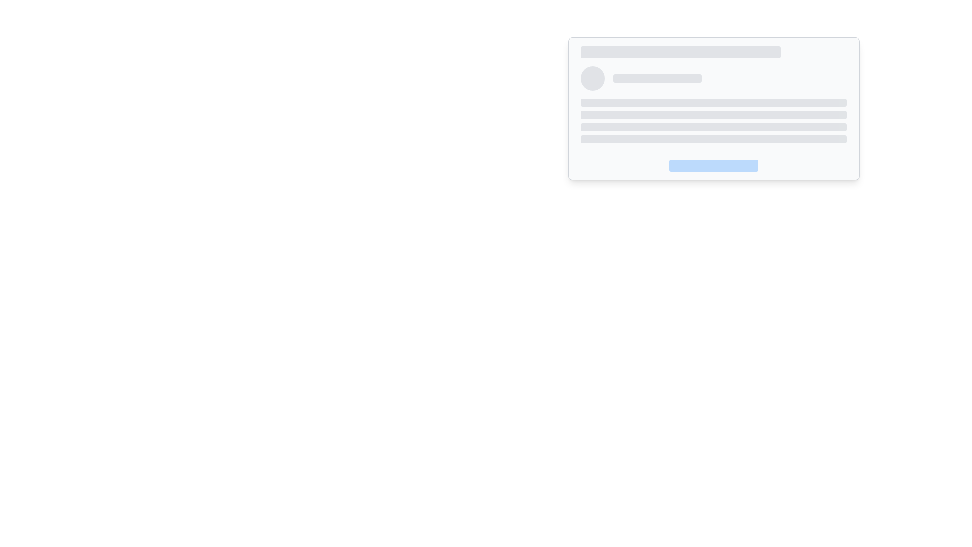 The width and height of the screenshot is (972, 547). What do you see at coordinates (713, 161) in the screenshot?
I see `the Progress bar placeholder, which is a horizontal blue bar with rounded corners, centrally aligned at the bottom of a light-gray card-like component` at bounding box center [713, 161].